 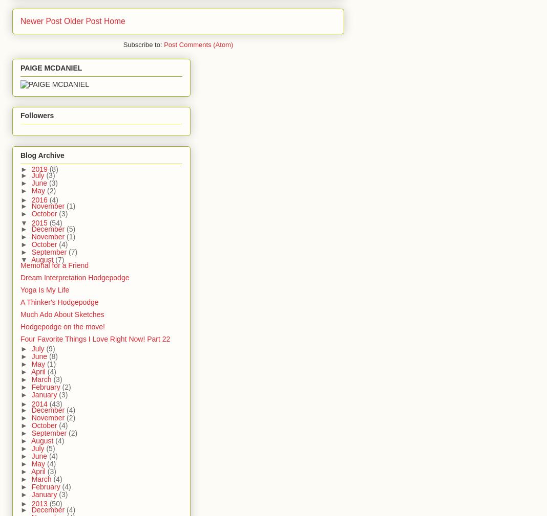 I want to click on '2013', so click(x=39, y=503).